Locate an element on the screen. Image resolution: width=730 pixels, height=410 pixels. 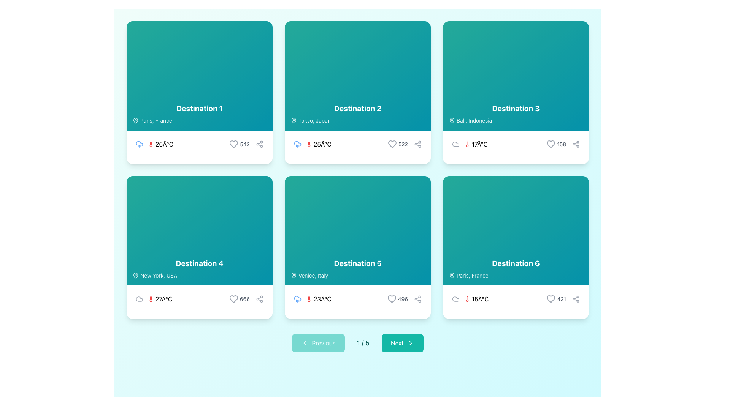
text content of the static text label located in the top-left corner of the 'Destination 2' card, which is associated with a map pin icon is located at coordinates (314, 120).